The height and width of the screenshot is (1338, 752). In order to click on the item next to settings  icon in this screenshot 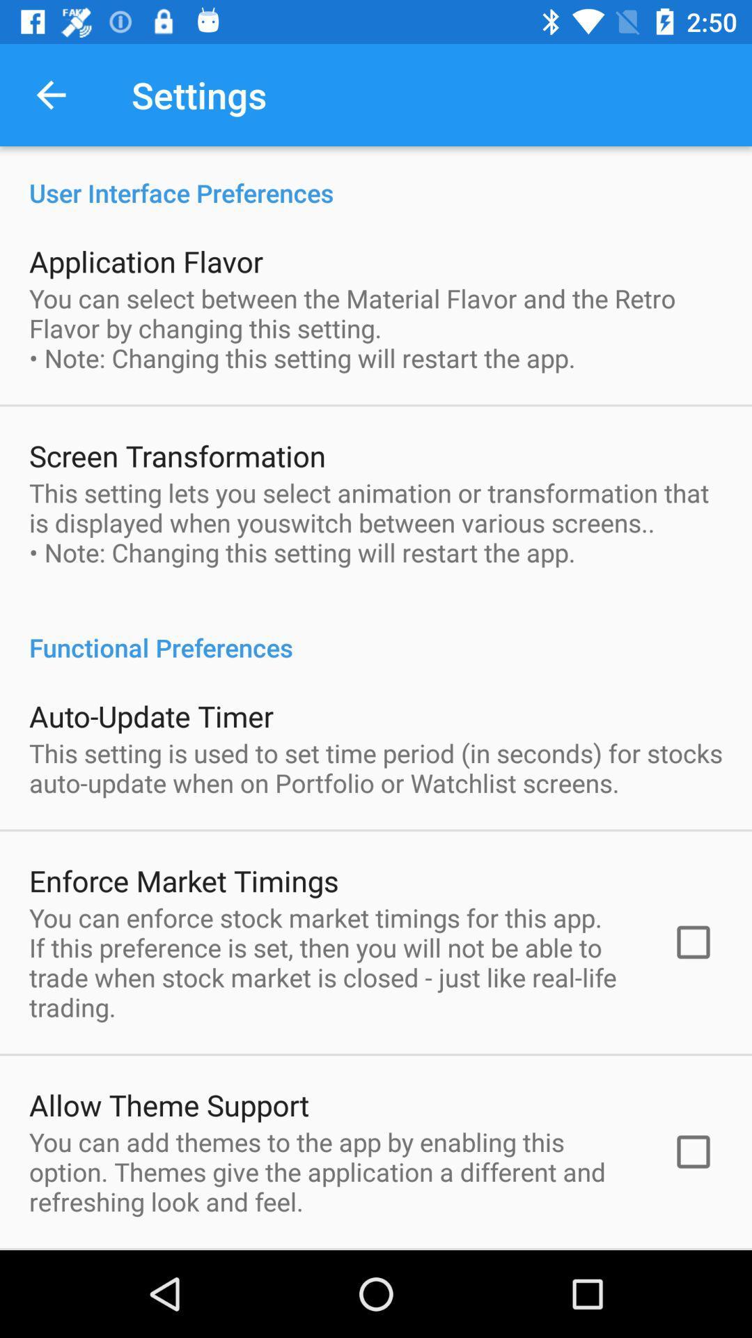, I will do `click(50, 94)`.